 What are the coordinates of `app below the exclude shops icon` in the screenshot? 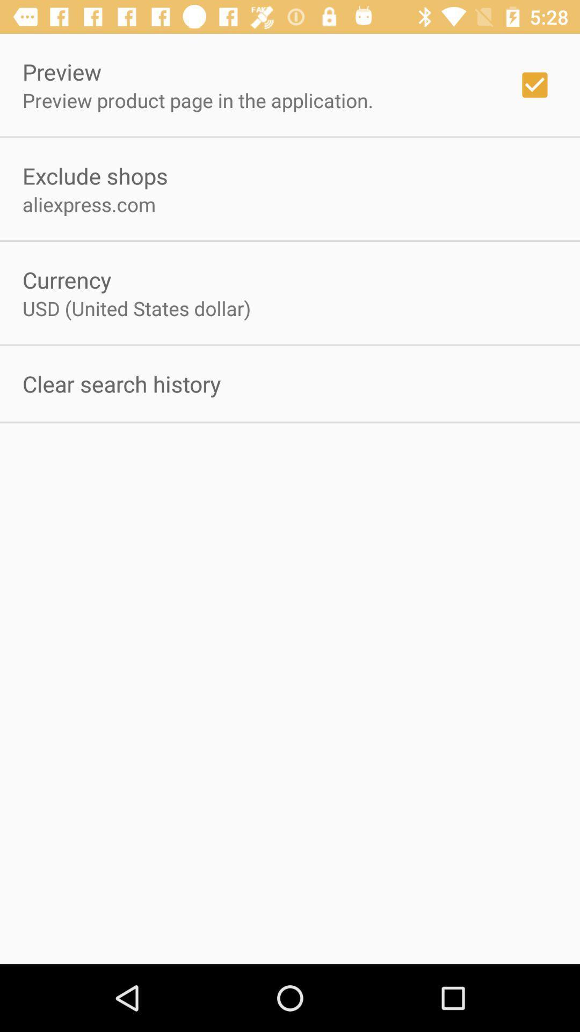 It's located at (89, 204).